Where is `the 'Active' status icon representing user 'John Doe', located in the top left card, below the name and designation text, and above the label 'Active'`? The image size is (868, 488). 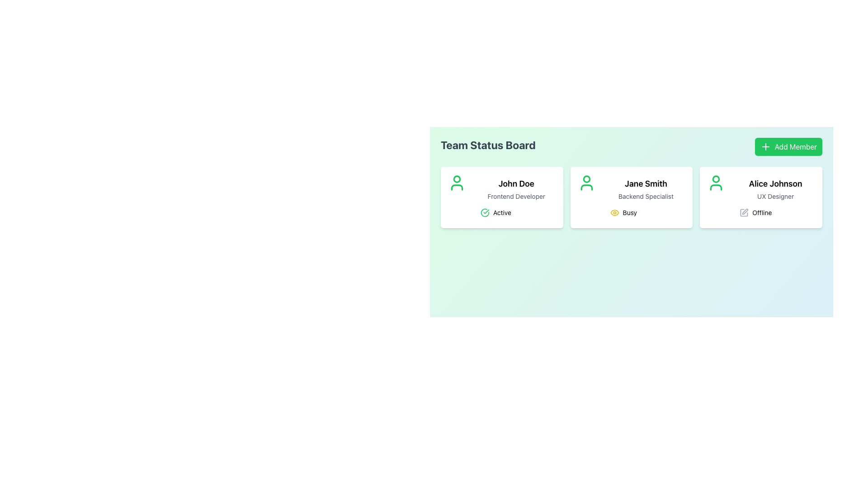
the 'Active' status icon representing user 'John Doe', located in the top left card, below the name and designation text, and above the label 'Active' is located at coordinates (485, 212).